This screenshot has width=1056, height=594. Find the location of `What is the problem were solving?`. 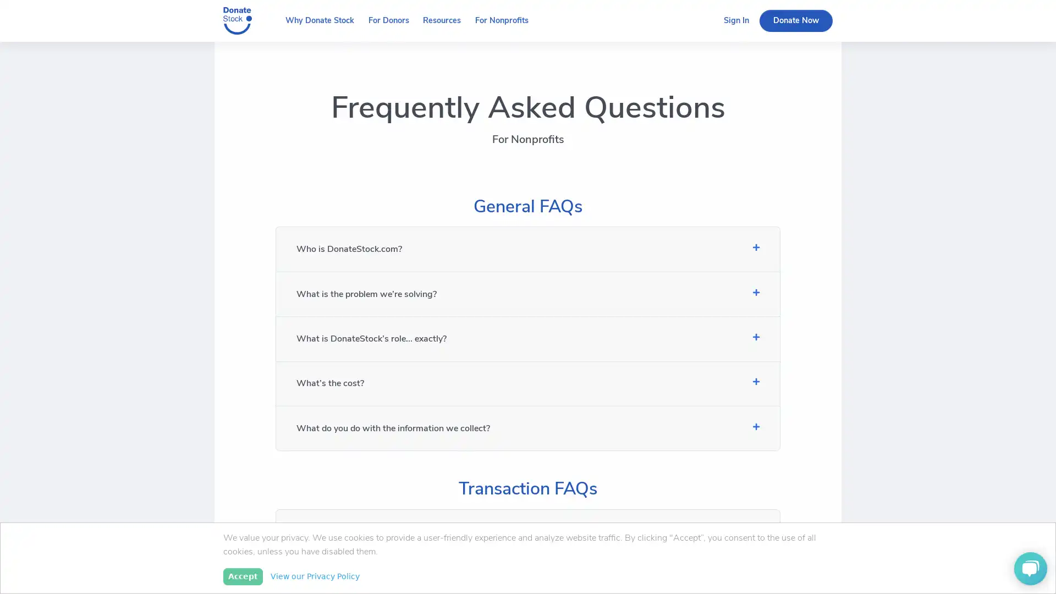

What is the problem were solving? is located at coordinates (527, 293).